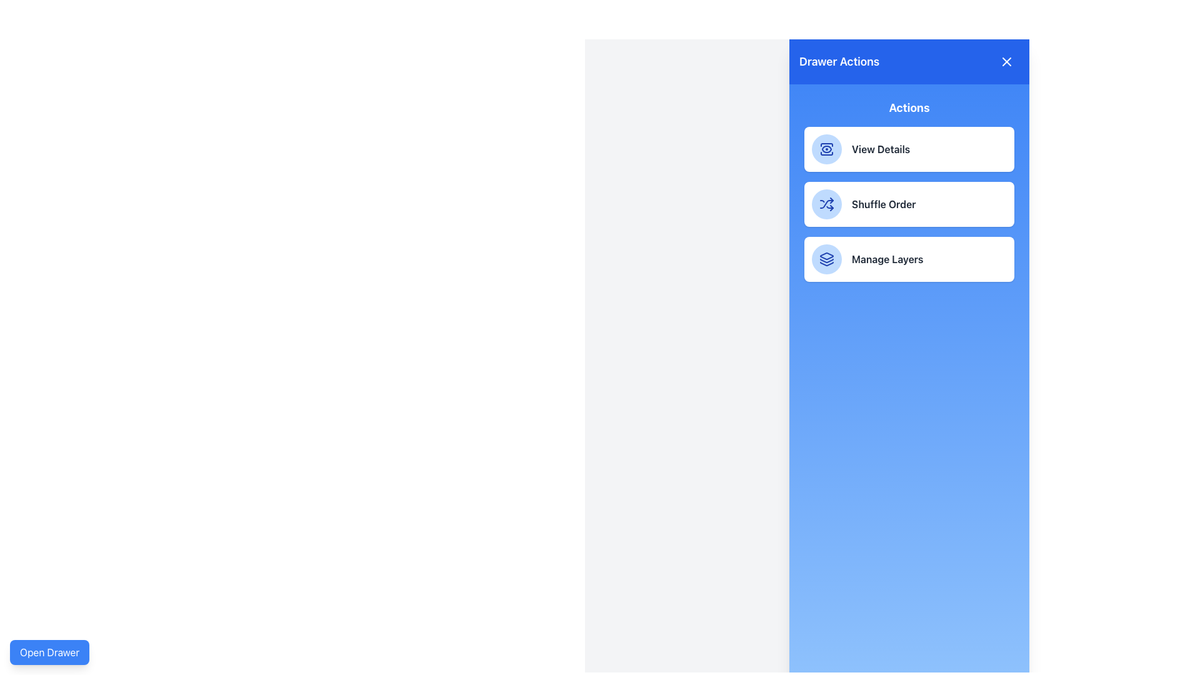  I want to click on the upper layer icon of the 'Manage Layers' feature, so click(827, 255).